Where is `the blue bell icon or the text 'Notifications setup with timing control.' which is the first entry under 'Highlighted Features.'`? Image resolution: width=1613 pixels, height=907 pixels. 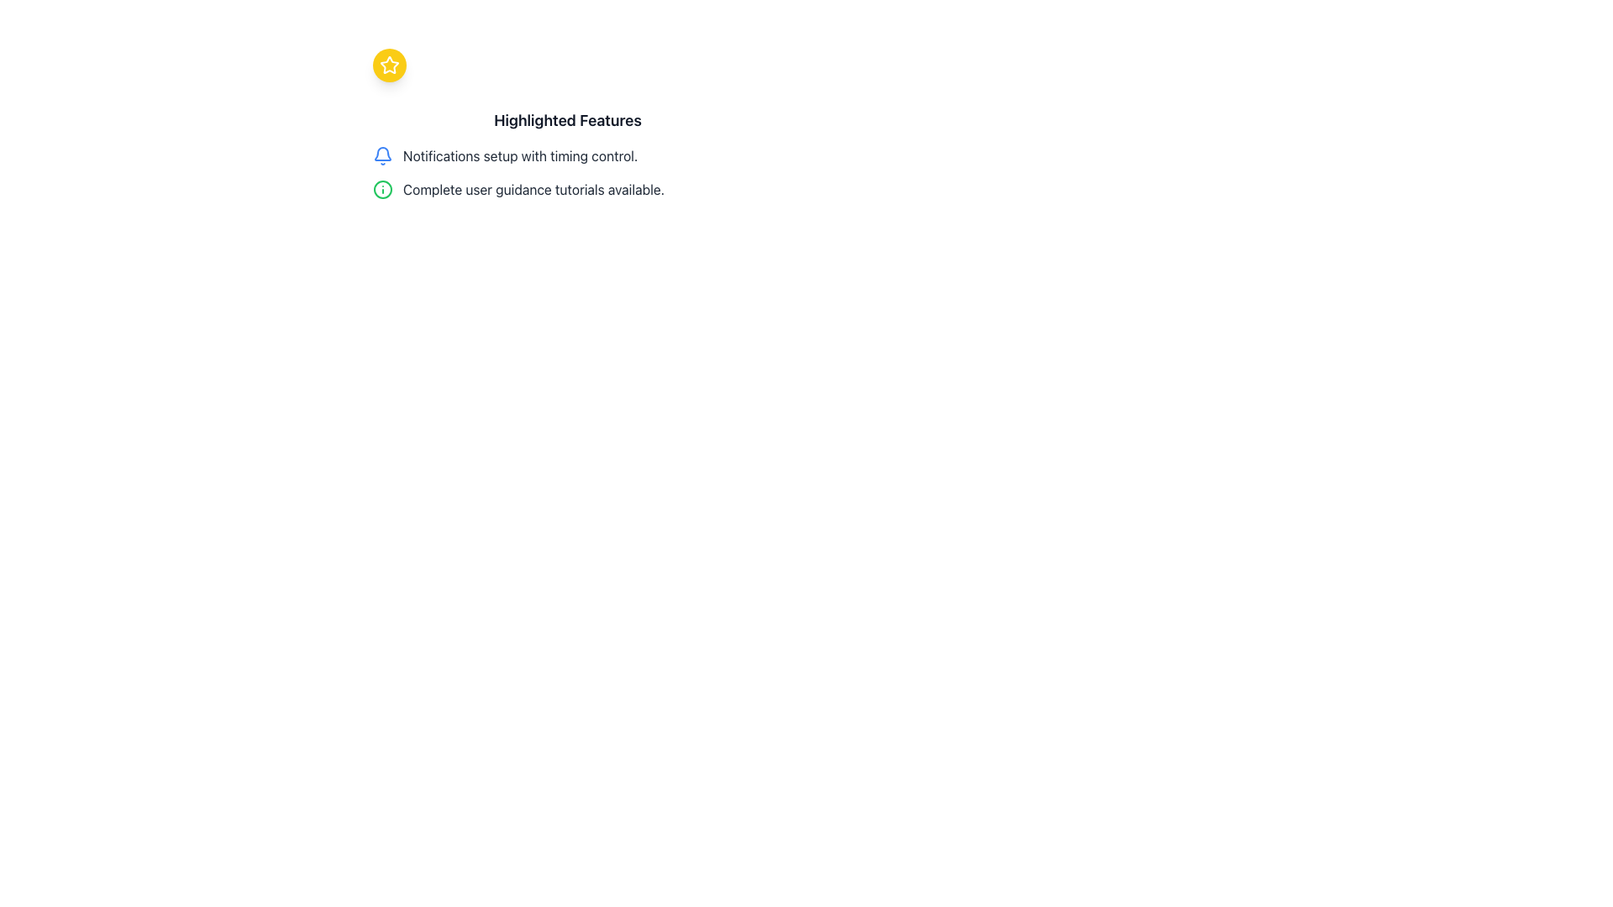 the blue bell icon or the text 'Notifications setup with timing control.' which is the first entry under 'Highlighted Features.' is located at coordinates (568, 155).